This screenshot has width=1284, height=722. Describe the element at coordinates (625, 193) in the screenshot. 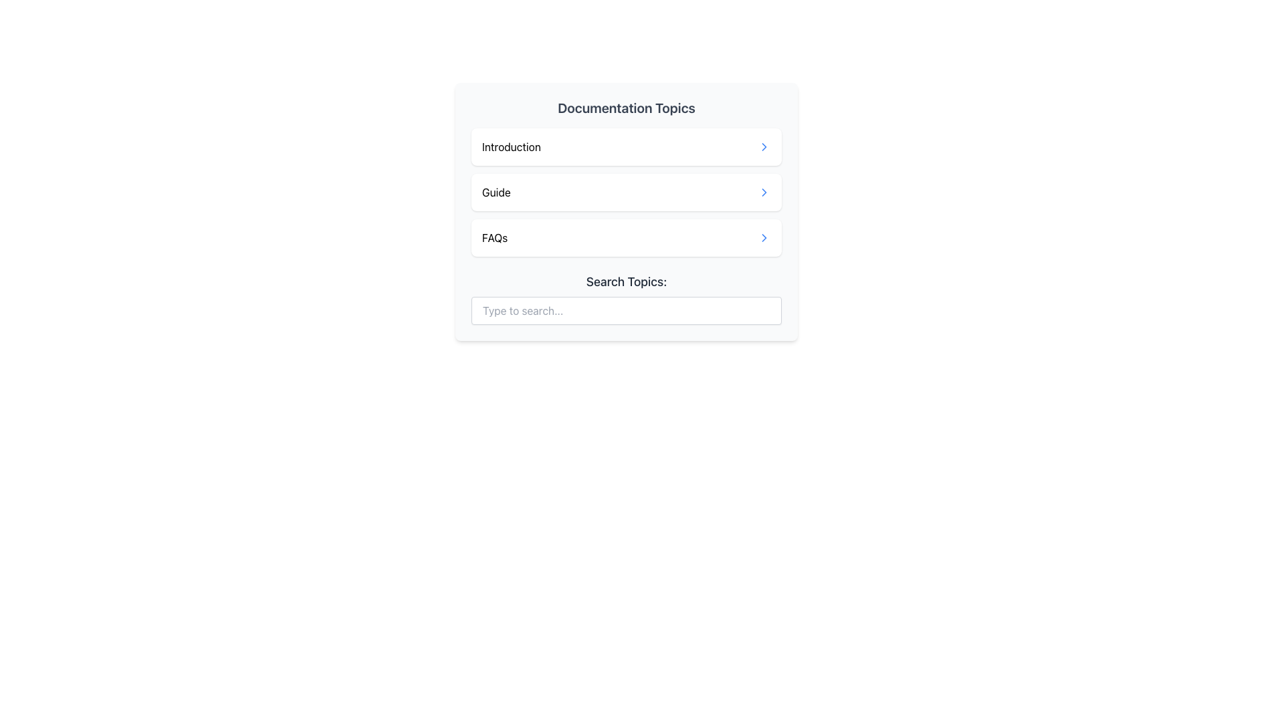

I see `the second card styled as a button in the 'Documentation Topics' section` at that location.